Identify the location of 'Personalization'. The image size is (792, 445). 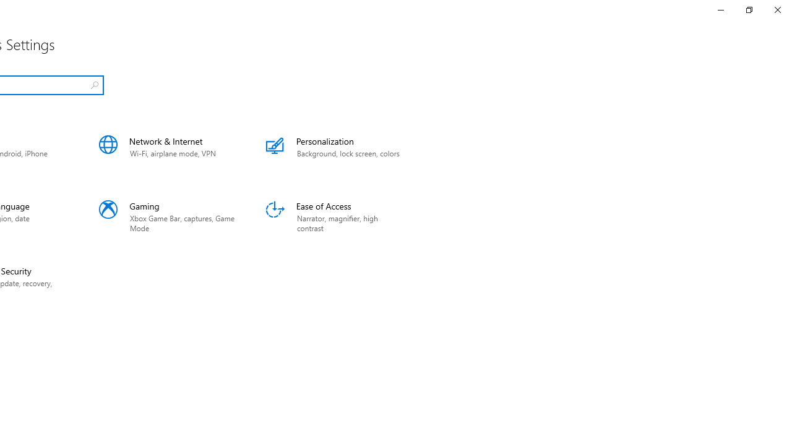
(334, 151).